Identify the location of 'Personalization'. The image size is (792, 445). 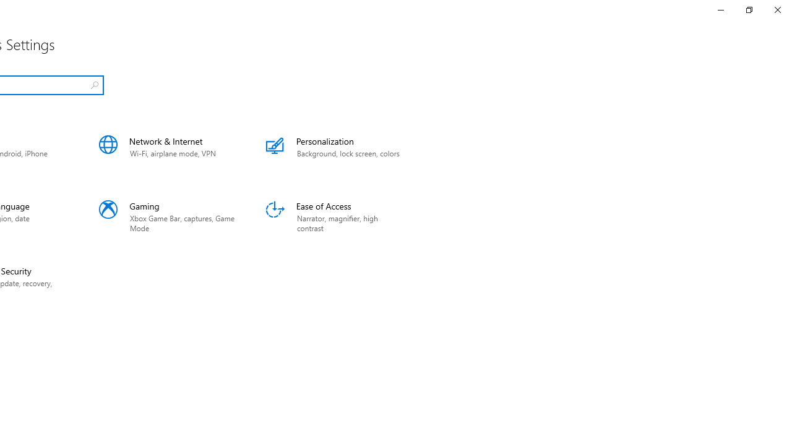
(334, 151).